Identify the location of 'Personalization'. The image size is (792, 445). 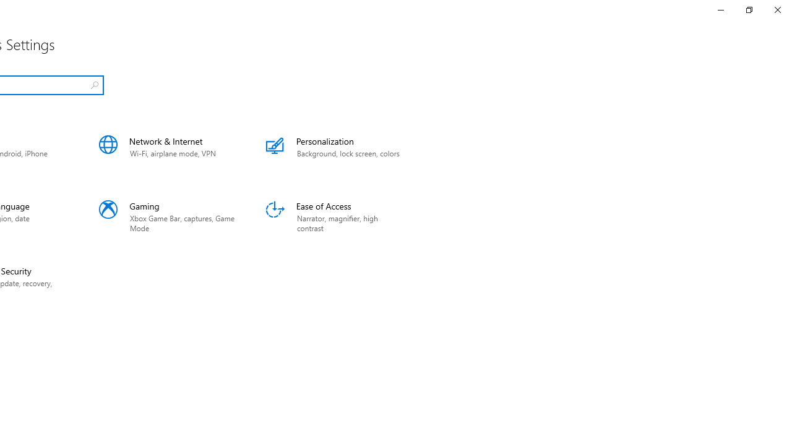
(334, 151).